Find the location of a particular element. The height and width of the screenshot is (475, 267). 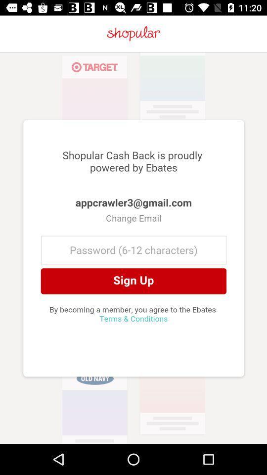

color print is located at coordinates (133, 247).